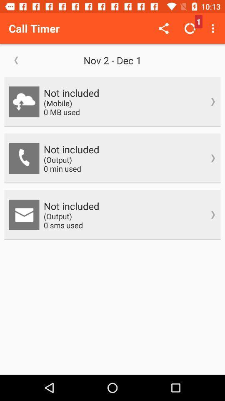 This screenshot has width=225, height=401. I want to click on the item above not included mobile icon, so click(214, 28).